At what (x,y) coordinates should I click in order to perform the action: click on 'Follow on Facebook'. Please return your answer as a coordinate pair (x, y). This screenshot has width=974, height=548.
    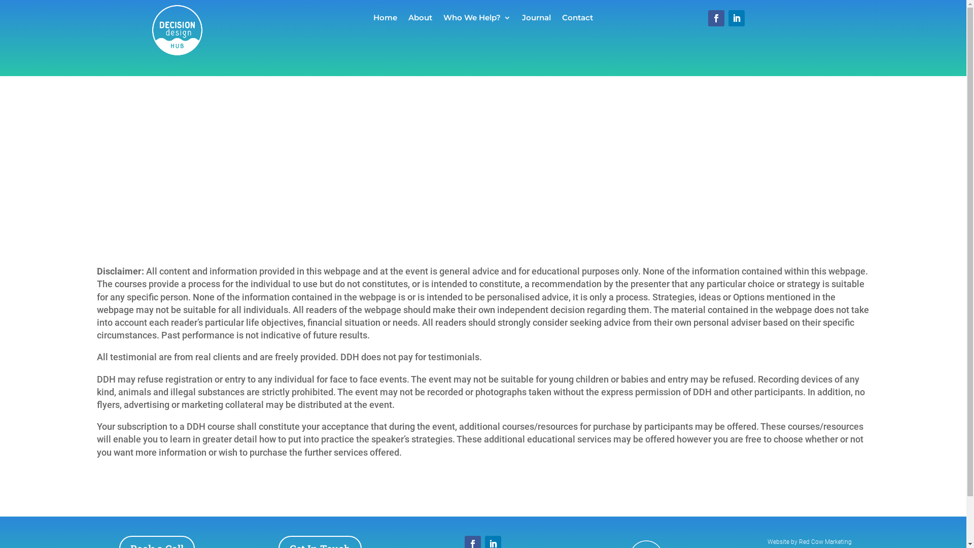
    Looking at the image, I should click on (708, 18).